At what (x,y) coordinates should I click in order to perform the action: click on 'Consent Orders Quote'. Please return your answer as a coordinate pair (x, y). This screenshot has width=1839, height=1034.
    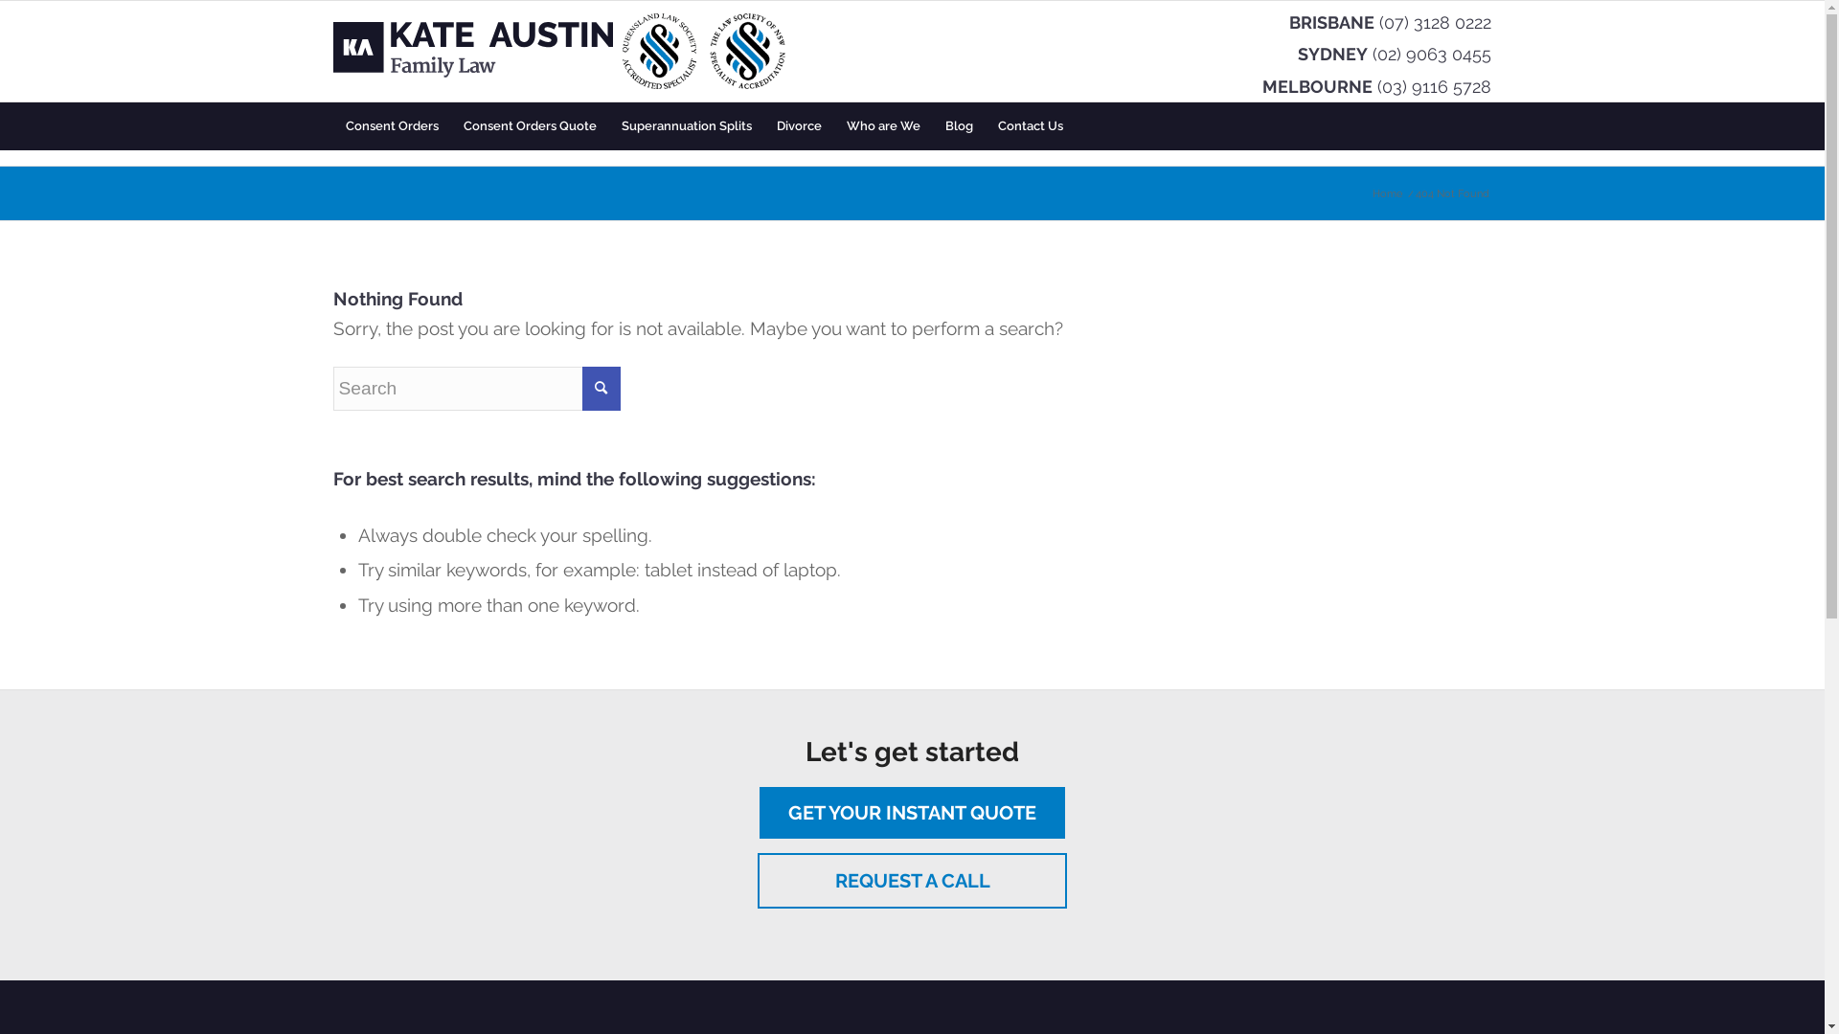
    Looking at the image, I should click on (449, 125).